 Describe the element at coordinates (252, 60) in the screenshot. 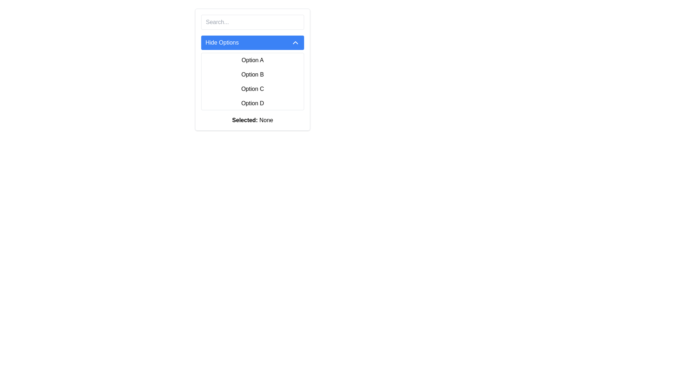

I see `the first list item labeled 'Option A' that is positioned under the header 'Hide Options'` at that location.